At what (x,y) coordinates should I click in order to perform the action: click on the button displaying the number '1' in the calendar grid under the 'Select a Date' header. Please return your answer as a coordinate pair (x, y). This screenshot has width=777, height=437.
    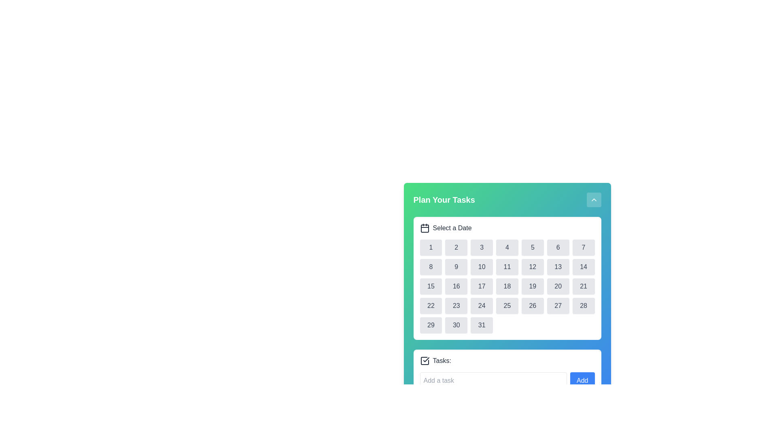
    Looking at the image, I should click on (430, 247).